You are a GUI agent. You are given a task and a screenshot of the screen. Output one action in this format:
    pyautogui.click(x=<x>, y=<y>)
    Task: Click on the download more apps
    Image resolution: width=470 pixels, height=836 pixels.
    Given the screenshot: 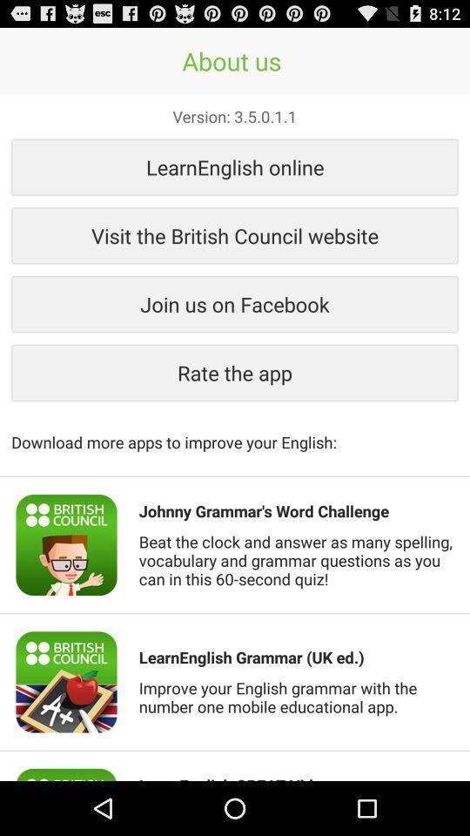 What is the action you would take?
    pyautogui.click(x=235, y=432)
    